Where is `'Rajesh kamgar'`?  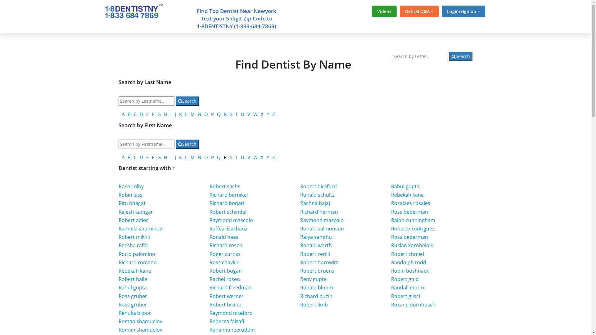 'Rajesh kamgar' is located at coordinates (135, 211).